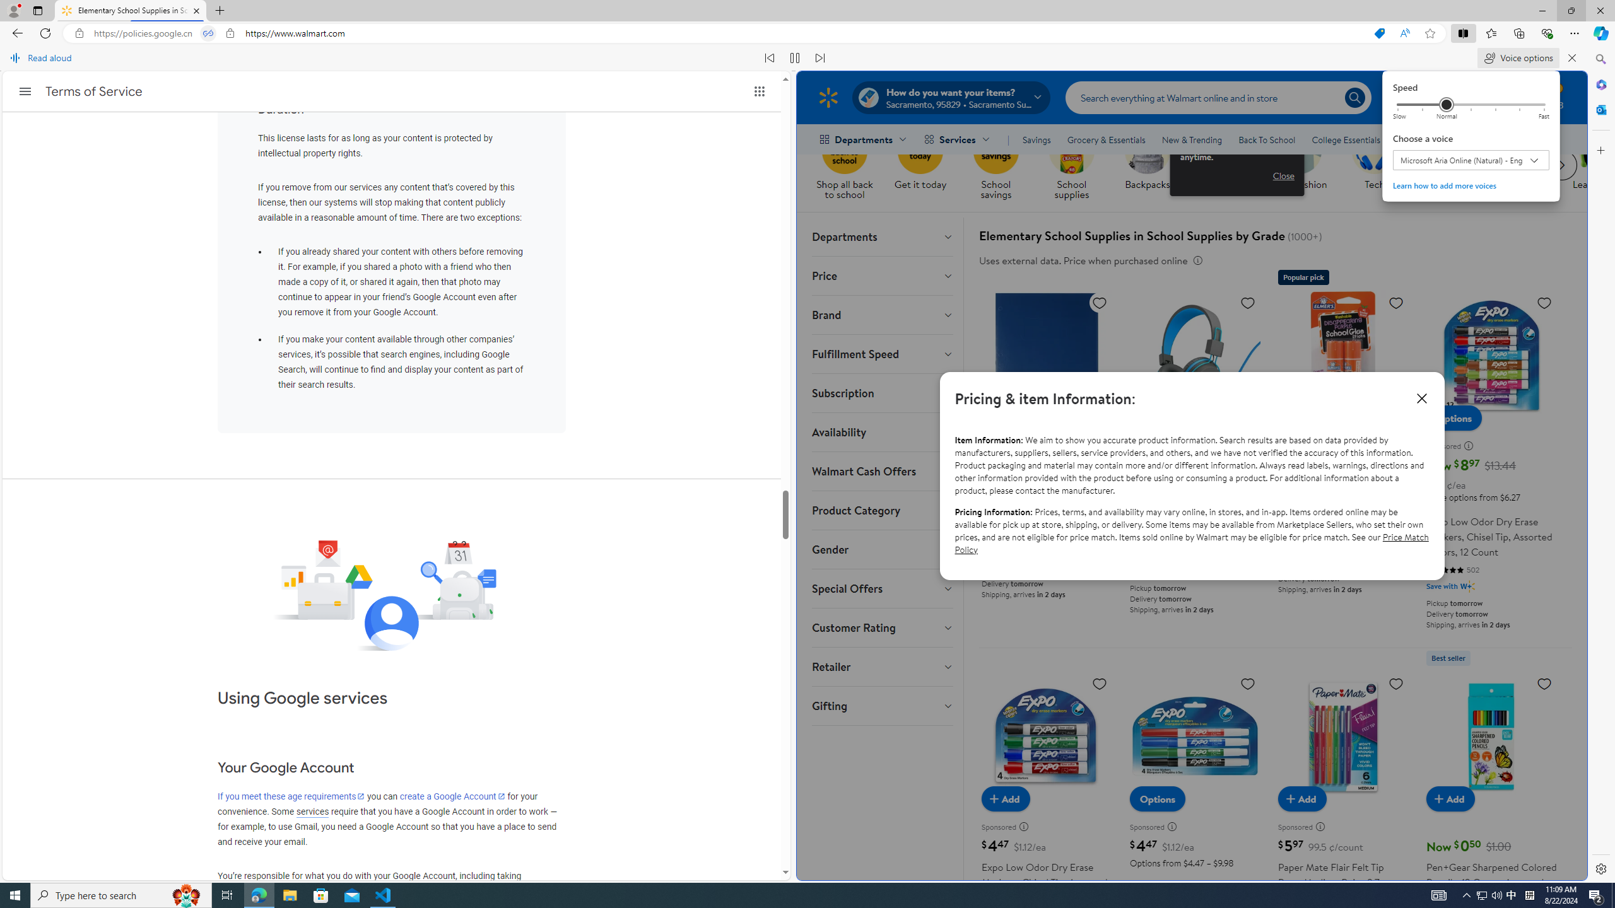 The width and height of the screenshot is (1615, 908). What do you see at coordinates (120, 894) in the screenshot?
I see `'Type here to search'` at bounding box center [120, 894].